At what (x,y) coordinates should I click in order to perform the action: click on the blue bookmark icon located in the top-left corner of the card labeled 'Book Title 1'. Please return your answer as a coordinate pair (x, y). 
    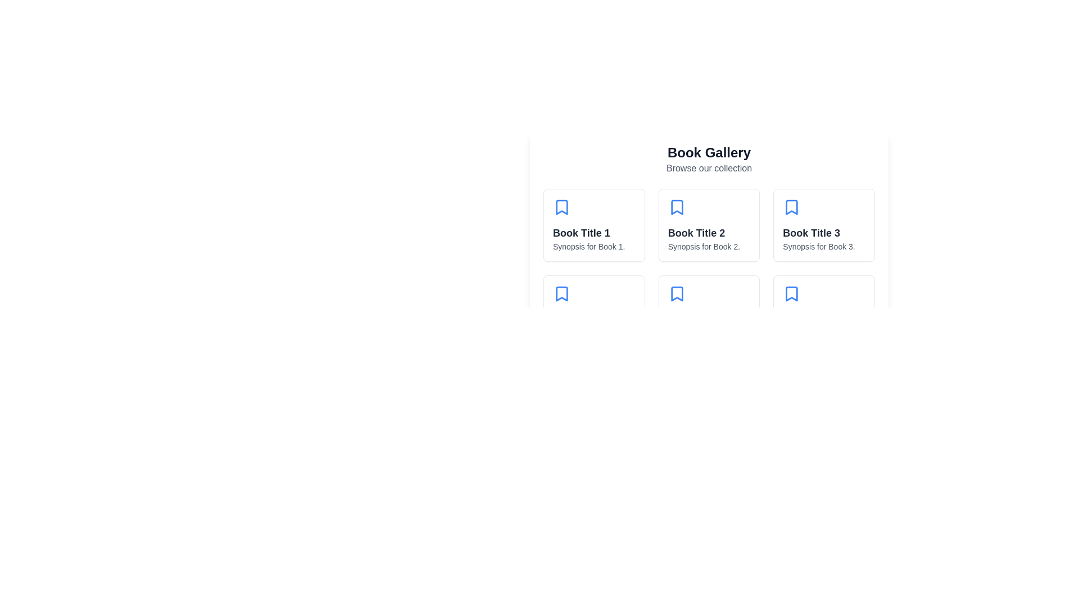
    Looking at the image, I should click on (561, 207).